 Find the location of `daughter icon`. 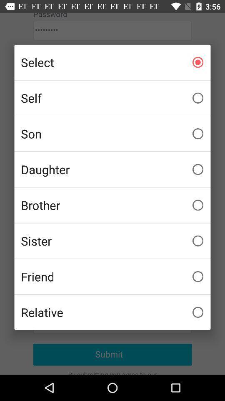

daughter icon is located at coordinates (112, 169).